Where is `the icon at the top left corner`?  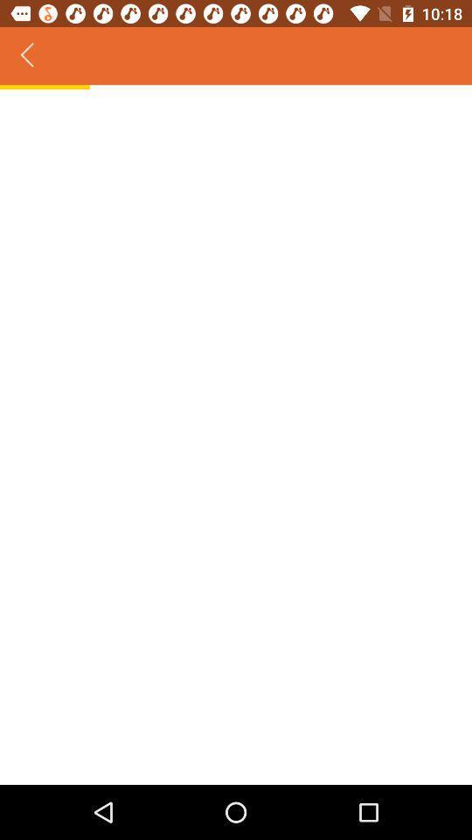
the icon at the top left corner is located at coordinates (27, 56).